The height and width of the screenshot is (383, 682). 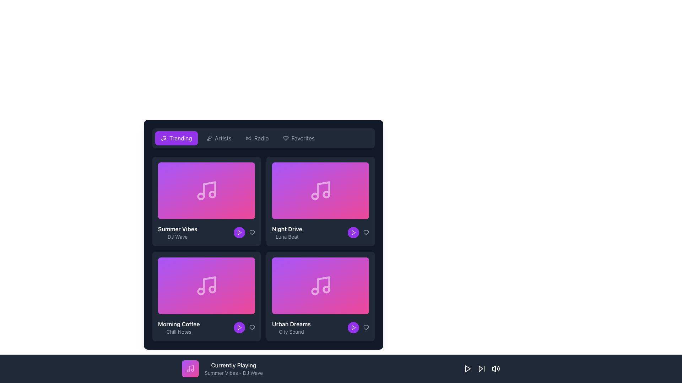 I want to click on the heart icon within the controls for the 'Summer Vibes' track to like the track, so click(x=244, y=232).